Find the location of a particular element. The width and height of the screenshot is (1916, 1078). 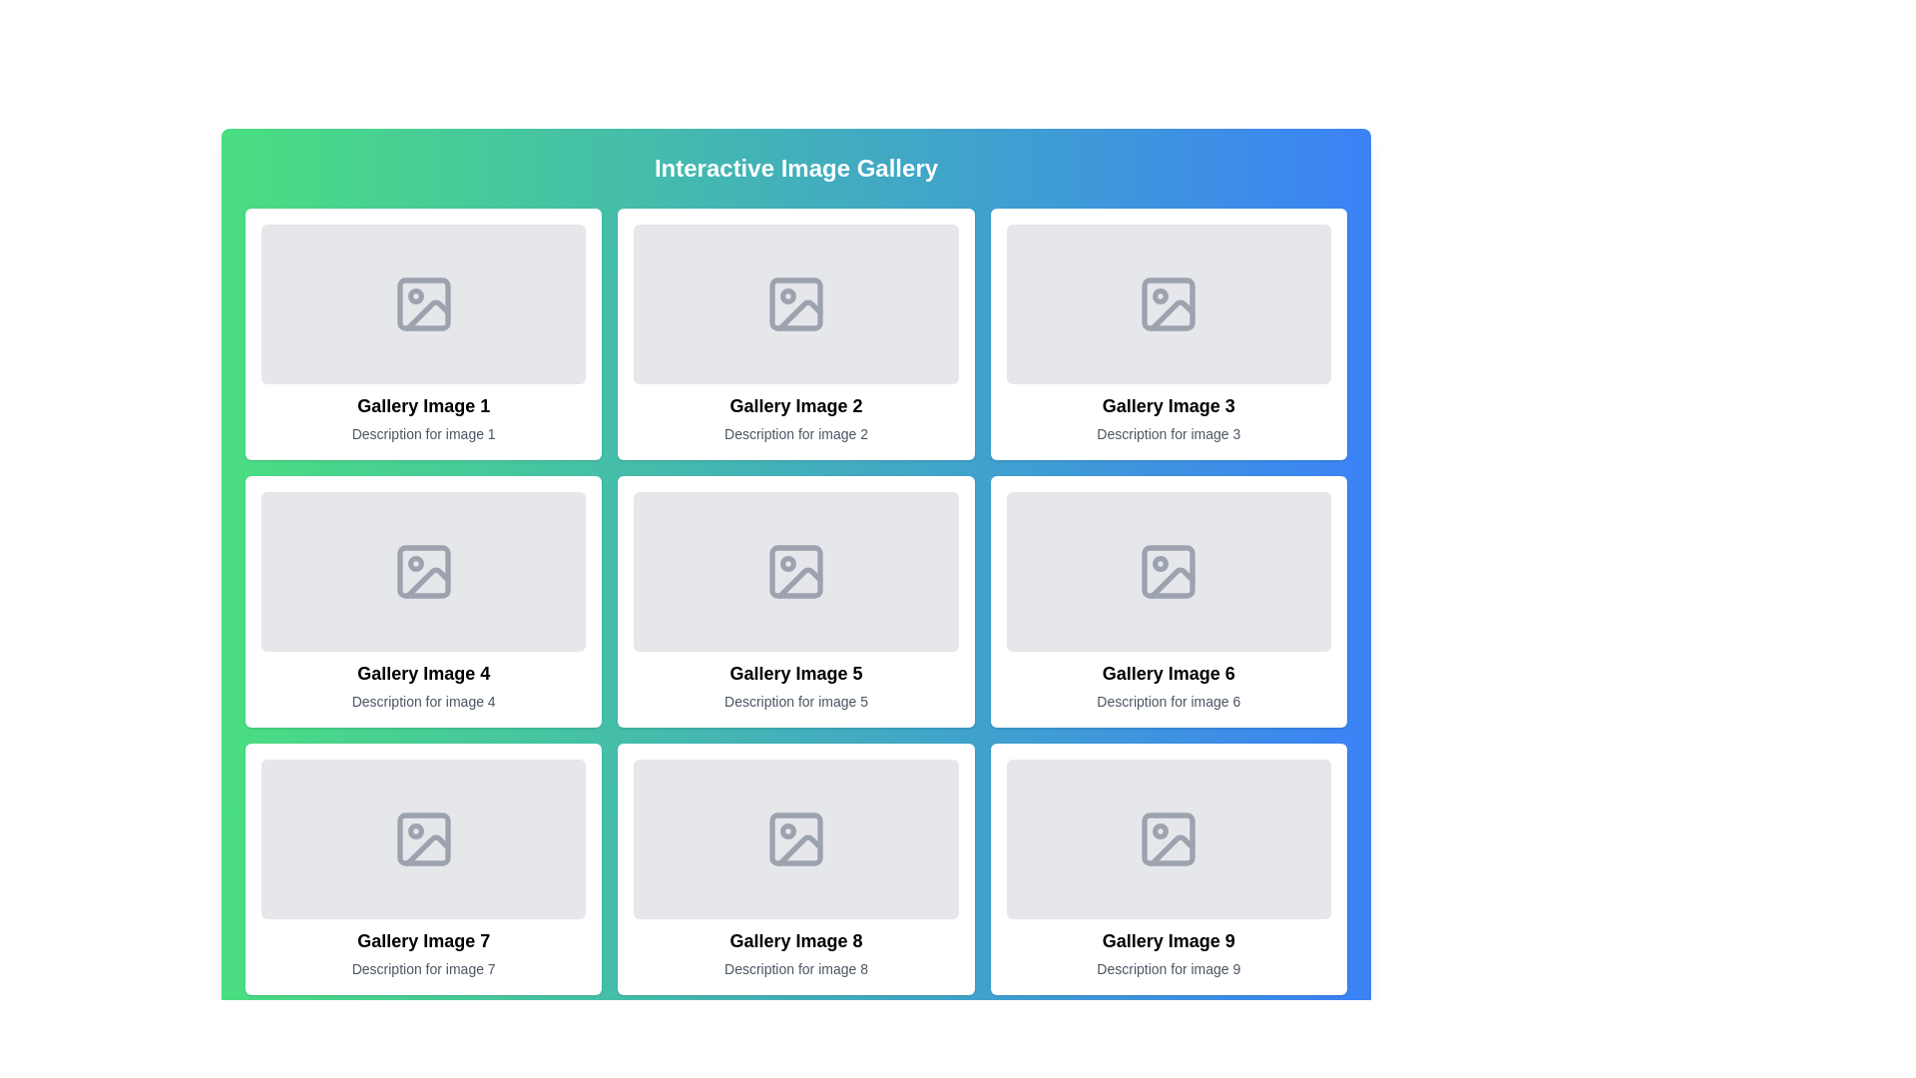

the placeholder icon in the first row, third cell of the interactive image gallery is located at coordinates (1169, 303).